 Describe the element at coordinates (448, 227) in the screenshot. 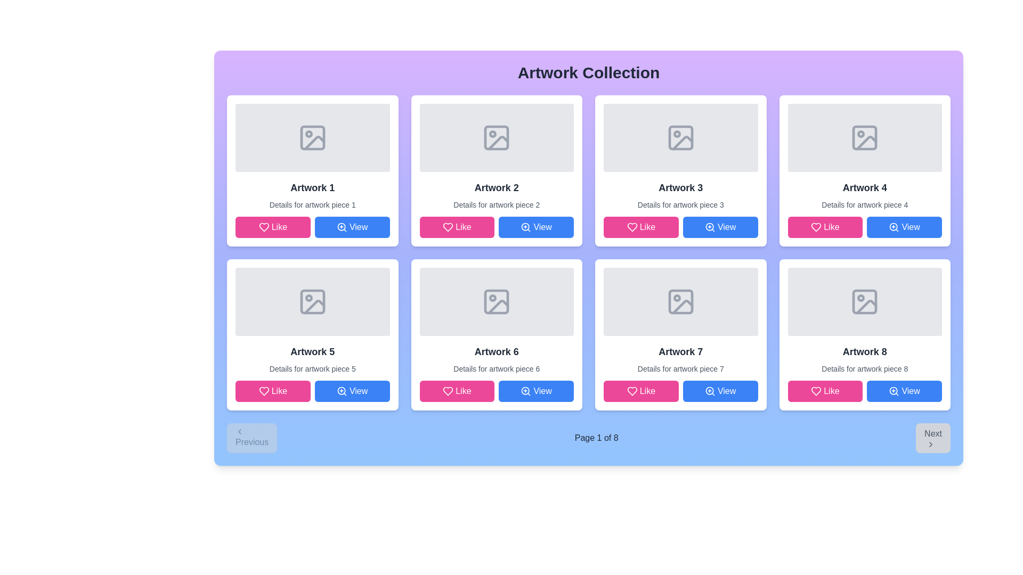

I see `the heart icon on the pink rectangular 'Like' button located in the lower region of the card for 'Artwork 2'` at that location.